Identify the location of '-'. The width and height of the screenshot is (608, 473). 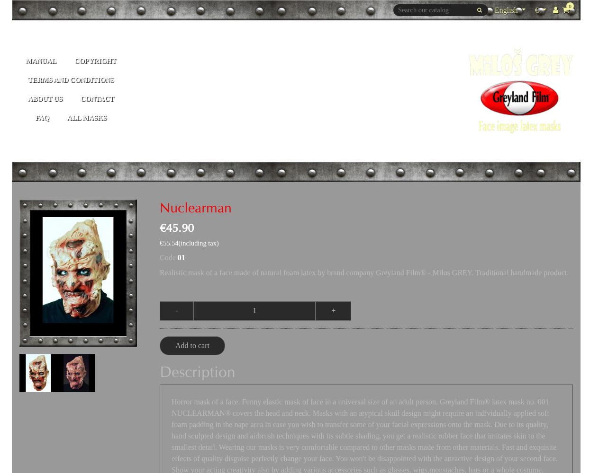
(176, 310).